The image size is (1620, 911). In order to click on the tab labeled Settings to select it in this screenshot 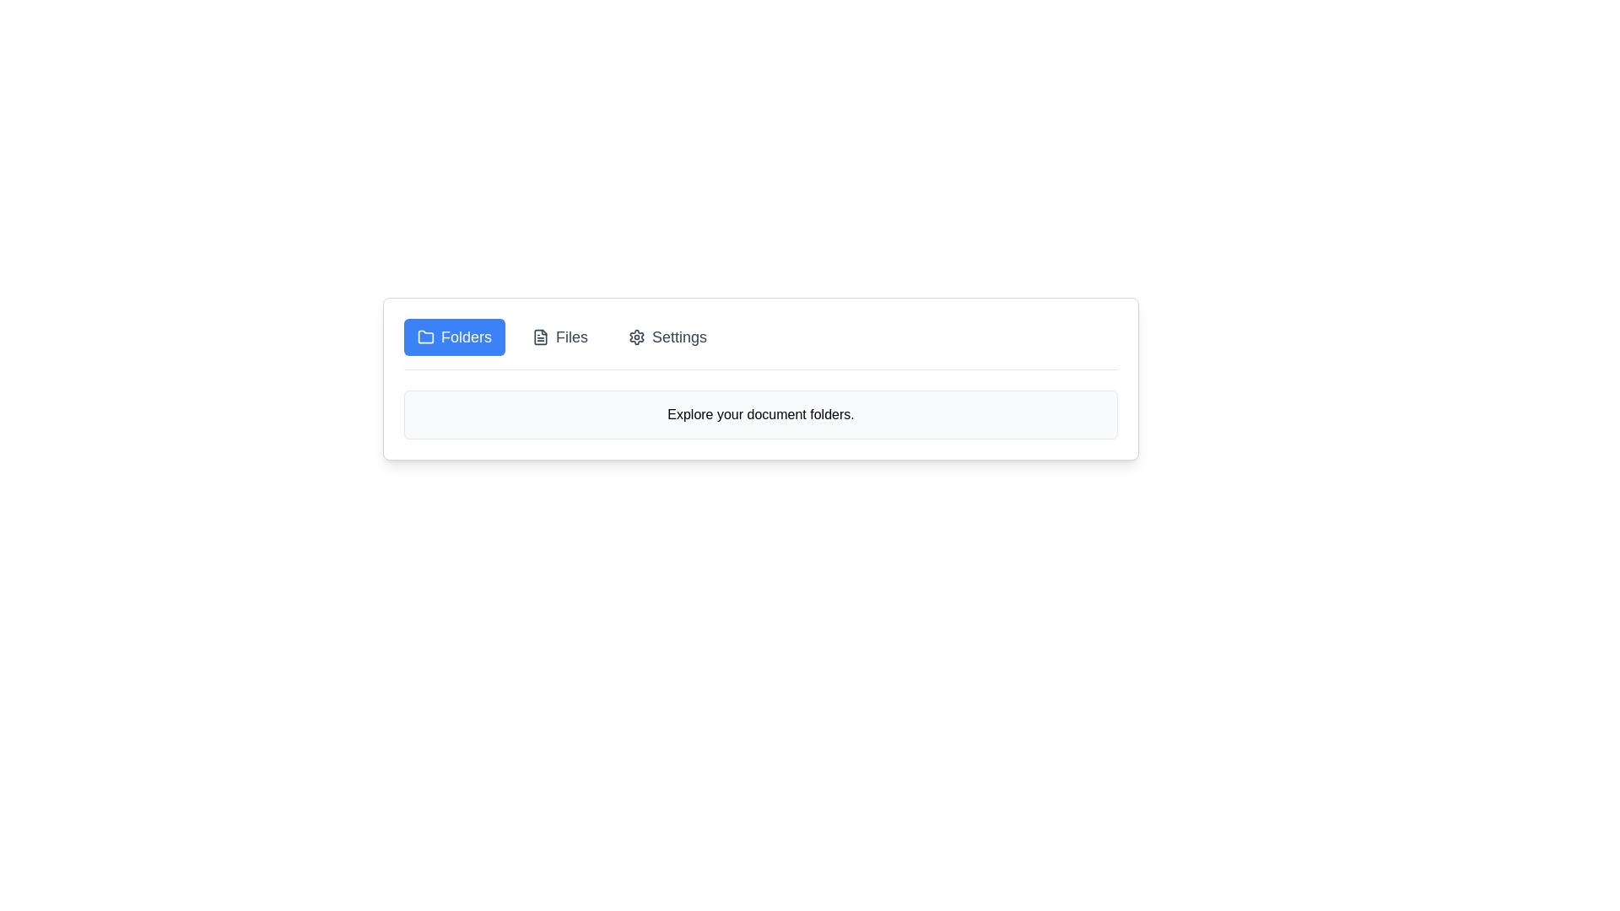, I will do `click(667, 337)`.